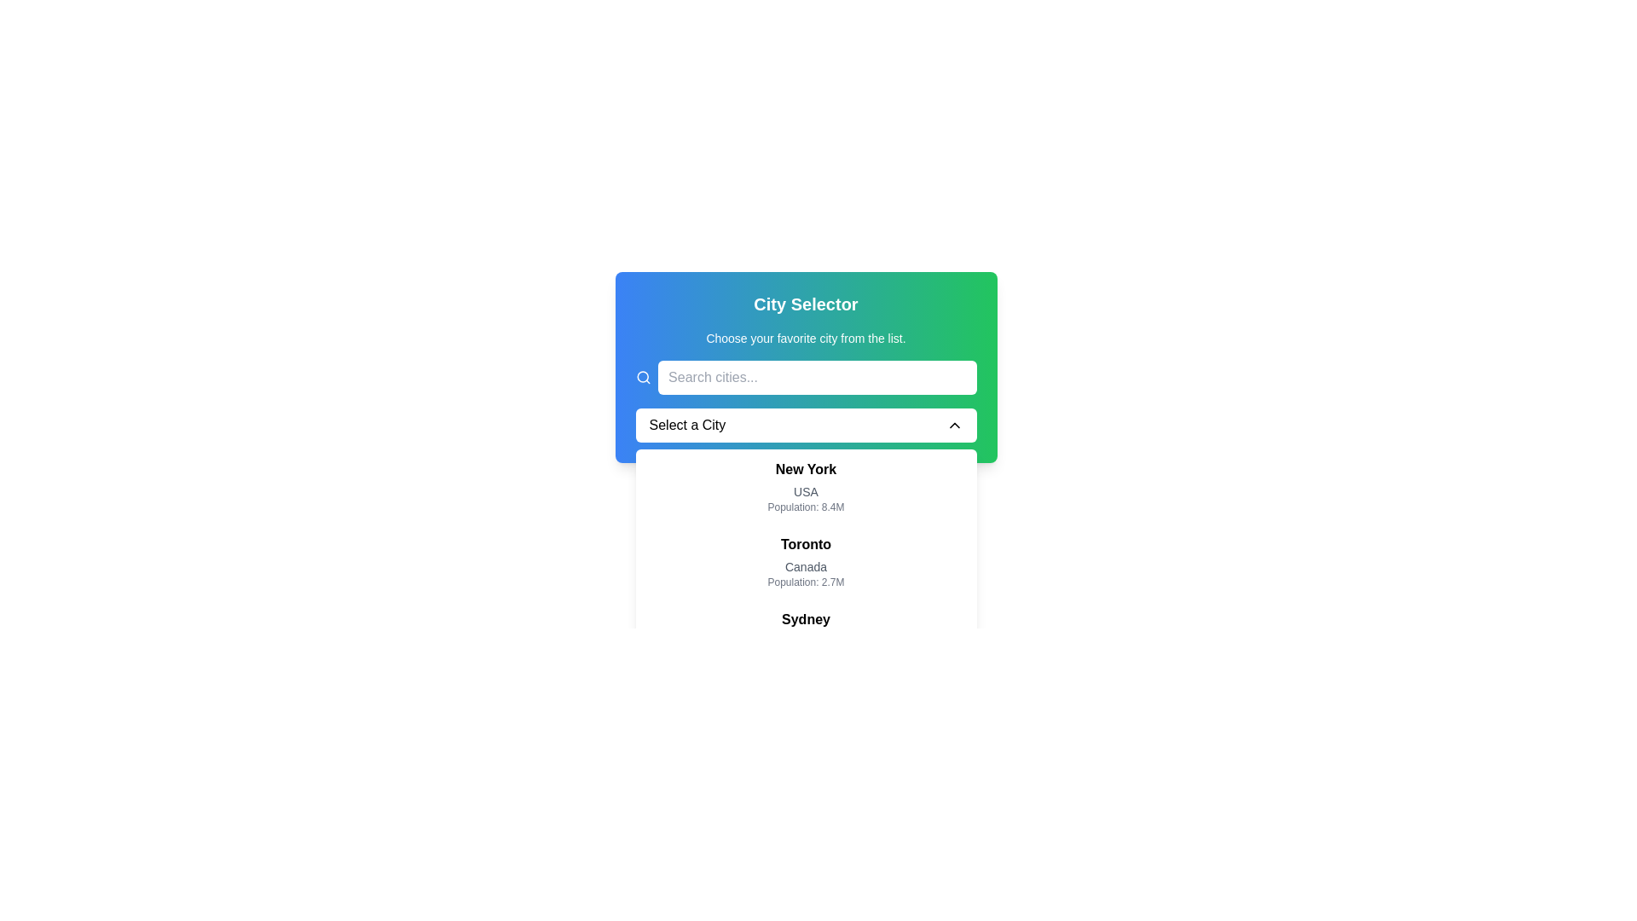  I want to click on the Text label indicating the country associated with the city 'New York' in the dropdown menu for city selection, so click(805, 492).